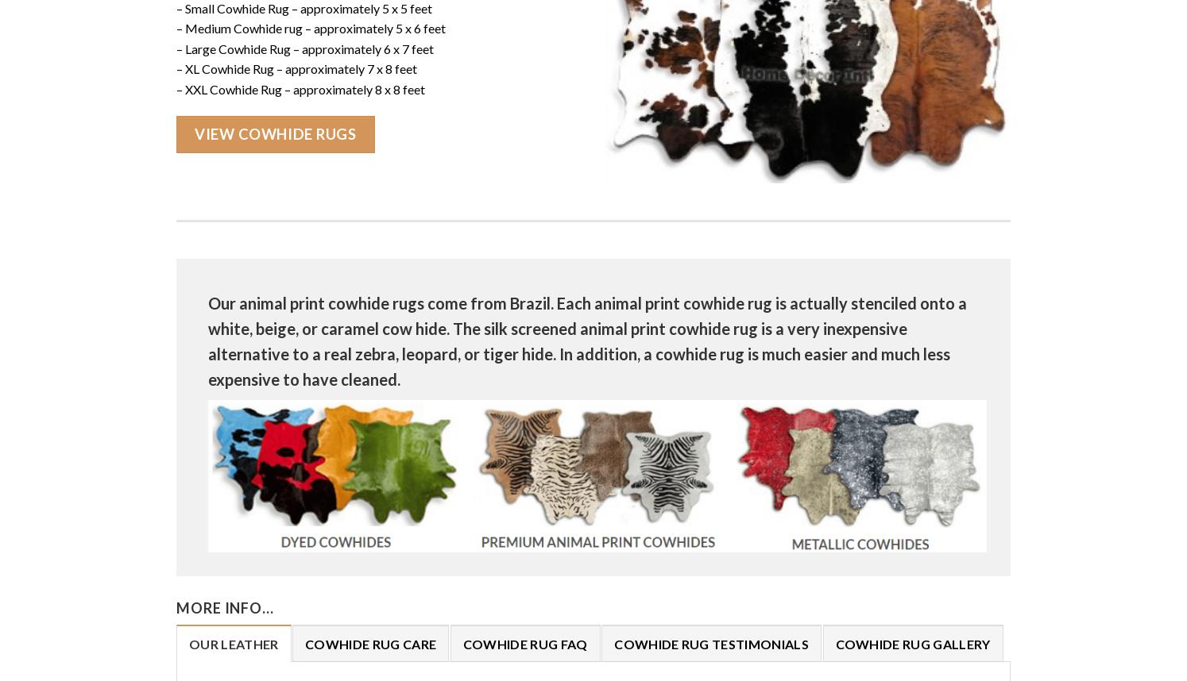  Describe the element at coordinates (311, 28) in the screenshot. I see `'– Medium Cowhide rug – approximately 5 x 6 feet'` at that location.